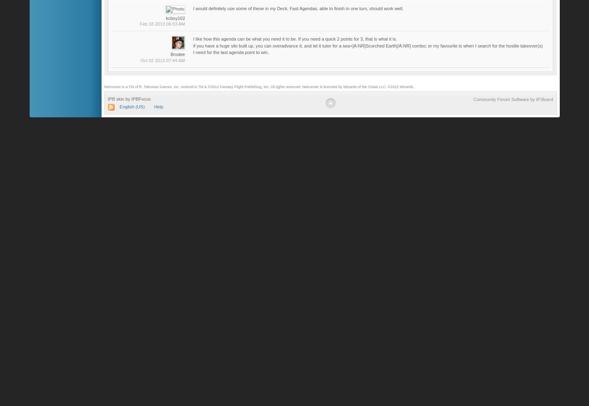  Describe the element at coordinates (162, 24) in the screenshot. I see `'Feb 18 2013 06:03 AM'` at that location.